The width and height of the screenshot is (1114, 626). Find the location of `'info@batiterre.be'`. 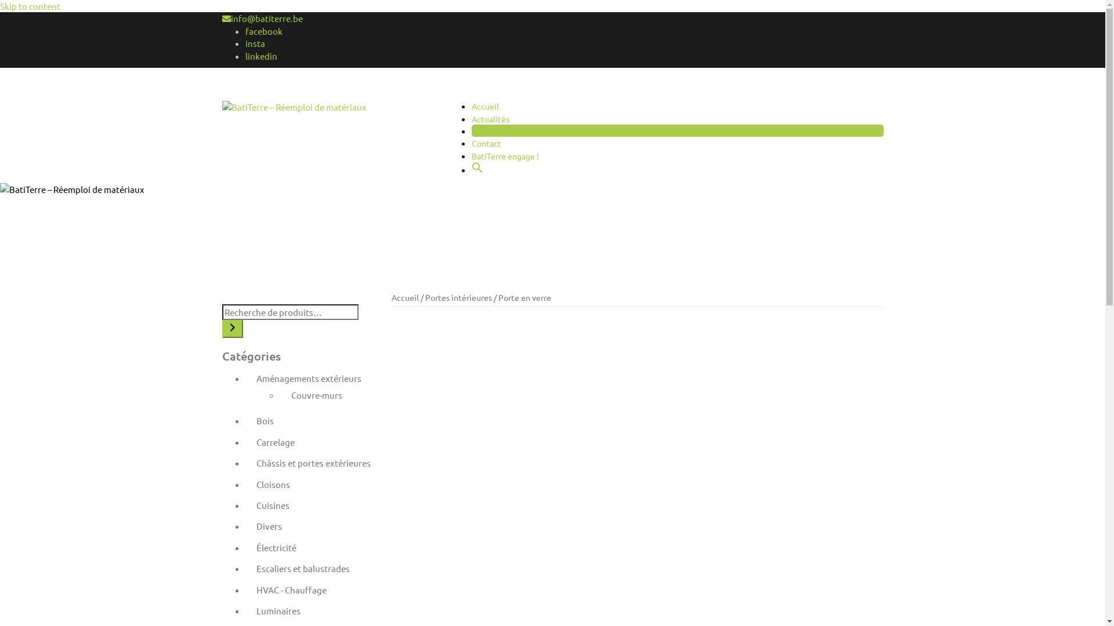

'info@batiterre.be' is located at coordinates (266, 18).